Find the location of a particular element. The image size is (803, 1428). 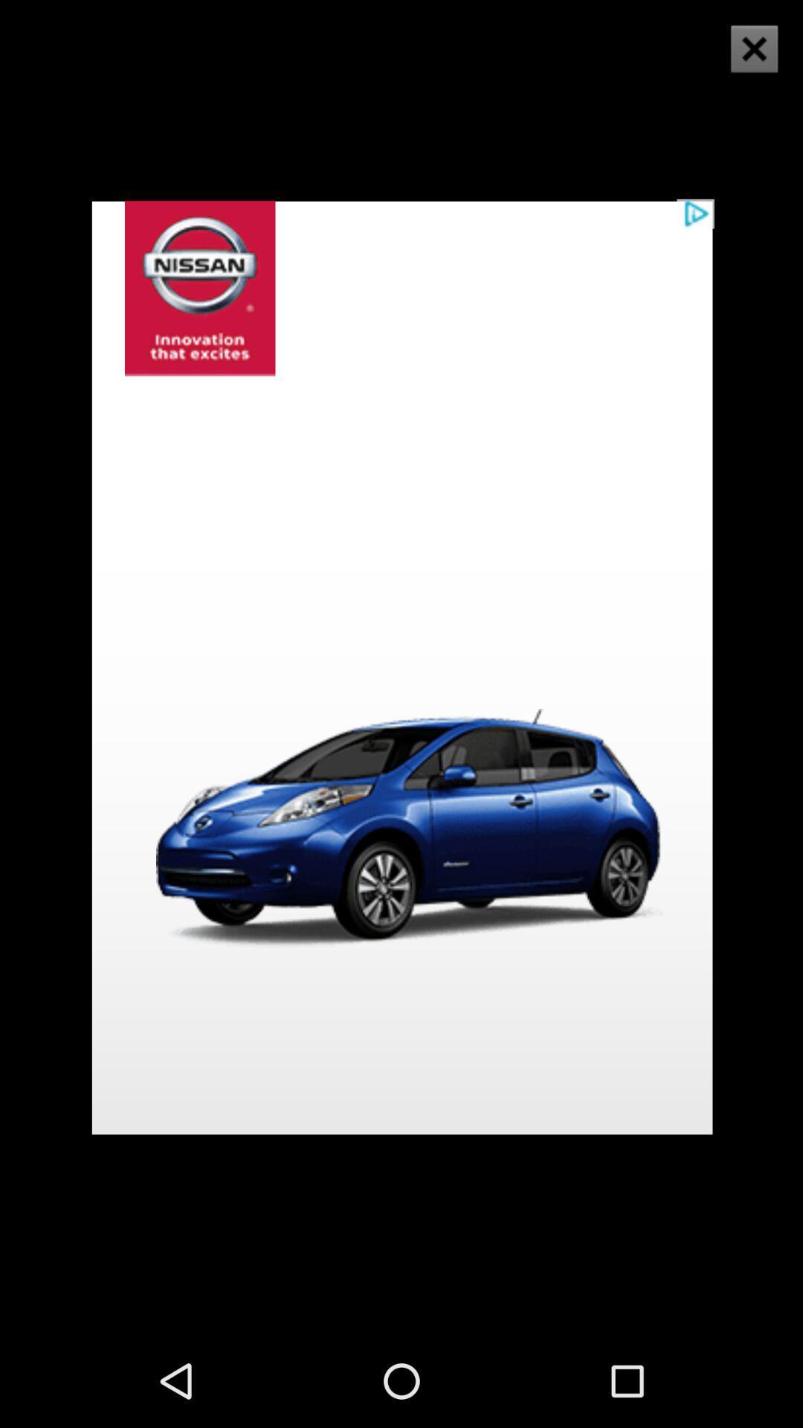

the close icon is located at coordinates (744, 62).